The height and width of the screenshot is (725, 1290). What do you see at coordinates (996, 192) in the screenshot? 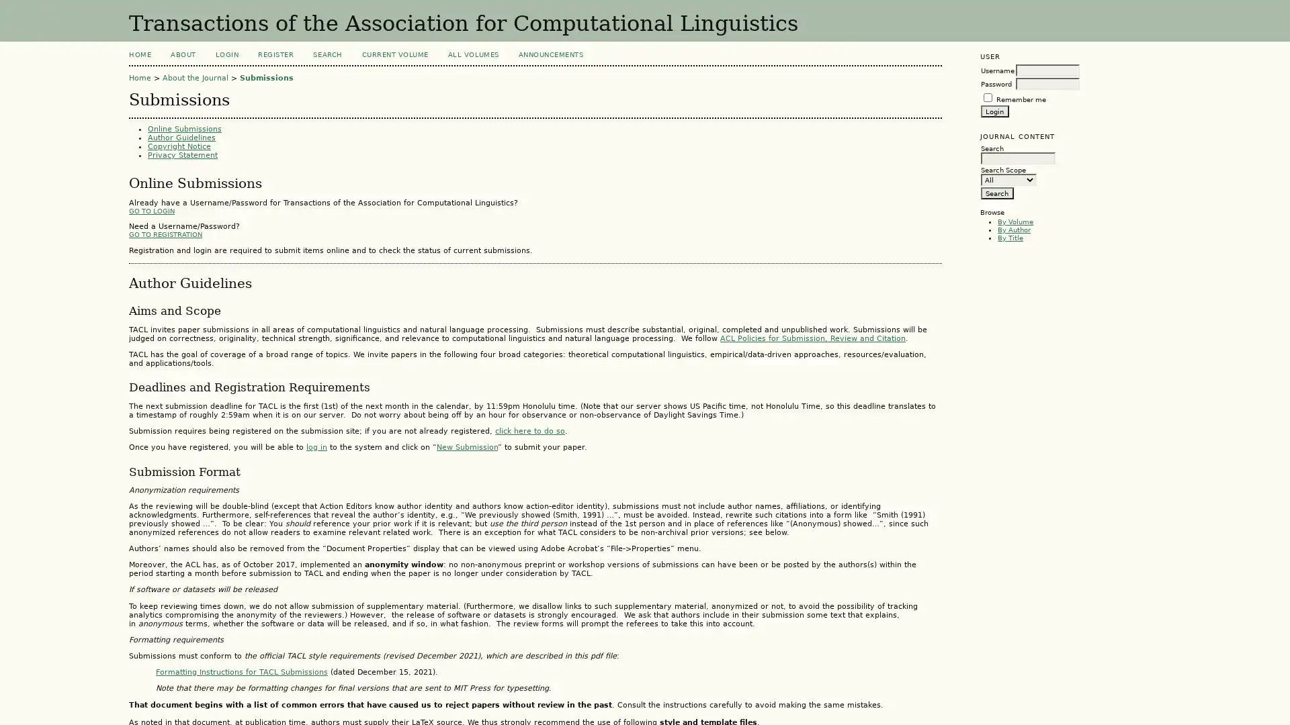
I see `Search` at bounding box center [996, 192].